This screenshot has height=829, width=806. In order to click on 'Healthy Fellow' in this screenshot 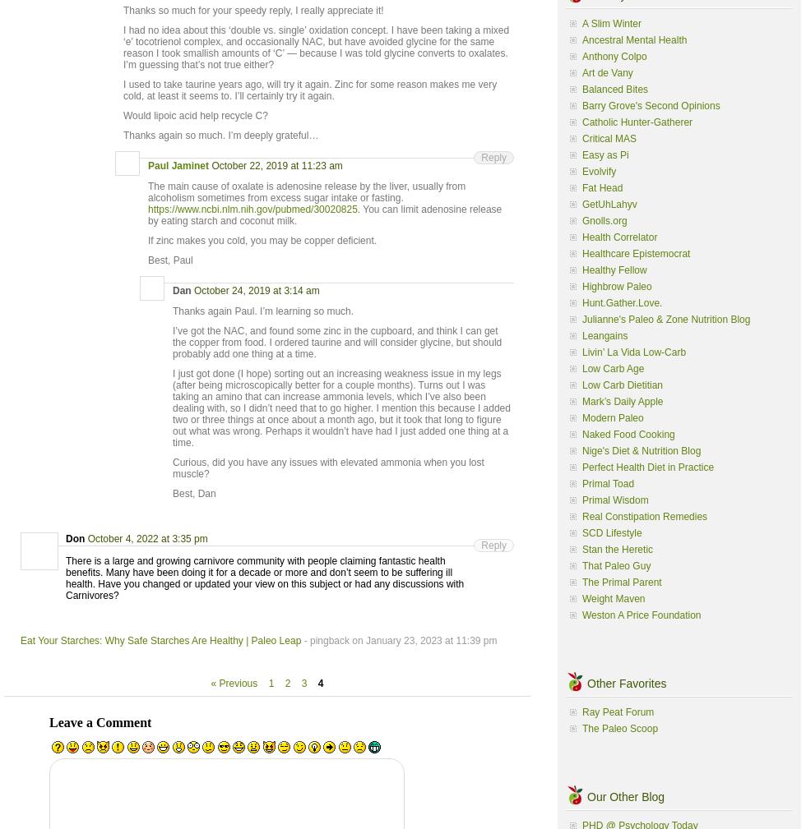, I will do `click(581, 269)`.